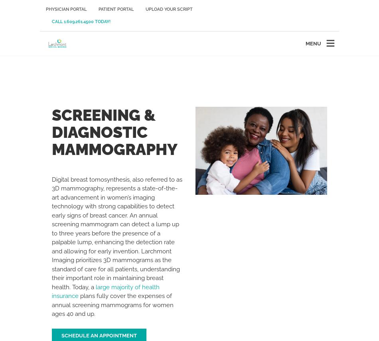  Describe the element at coordinates (116, 233) in the screenshot. I see `'Digital breast tomosynthesis, also referred to as 3D mammography, represents a state-of-the-art advancement in women’s imaging technology with strong capabilities to detect early signs of breast cancer. An annual screening mammogram can detect a lump up to three years before the presence of a palpable lump, enhancing the detection rate and allowing for early invention. Larchmont Imaging prioritizes 3D mammograms as the standard of care for all patients, understanding their important role in maintaining breast health. Today, a'` at that location.